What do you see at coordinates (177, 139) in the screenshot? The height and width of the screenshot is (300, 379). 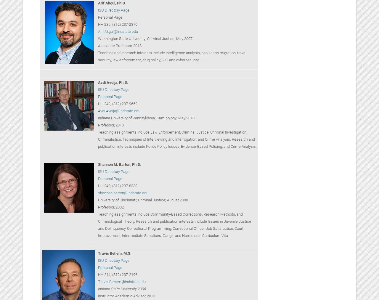 I see `'Teaching assignments include Law Enforcement, Criminal Justice, Criminal Investigation, Criminalistics, Techniques of Interviewing and Interrogation, and Crime Analysis. Research and publication interests include Police Policy Issues, Evidence-Based Policing, and Crime Analysis.'` at bounding box center [177, 139].